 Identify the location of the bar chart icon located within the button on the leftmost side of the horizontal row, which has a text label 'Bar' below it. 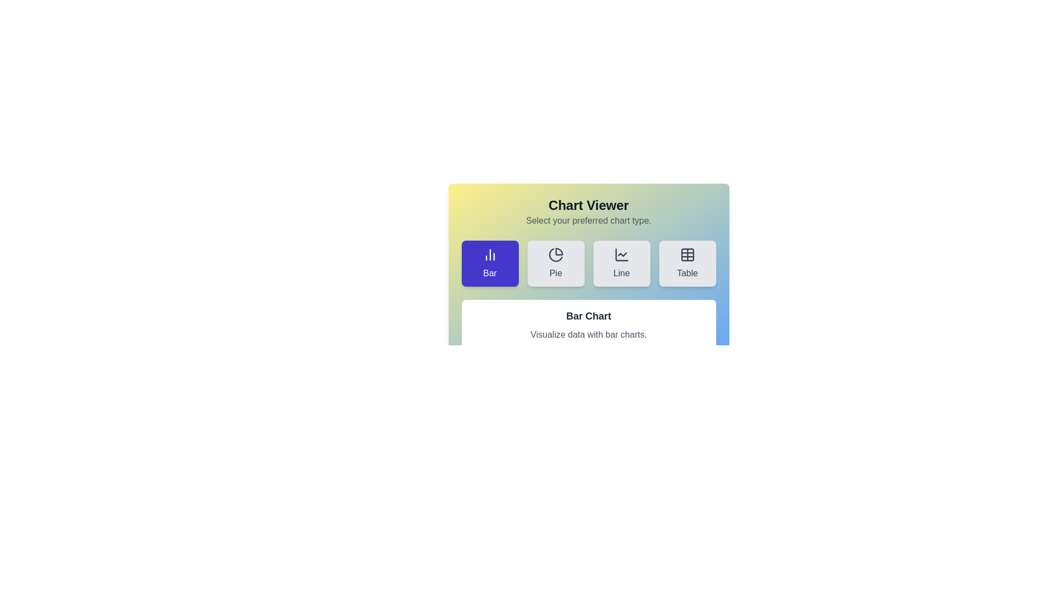
(489, 255).